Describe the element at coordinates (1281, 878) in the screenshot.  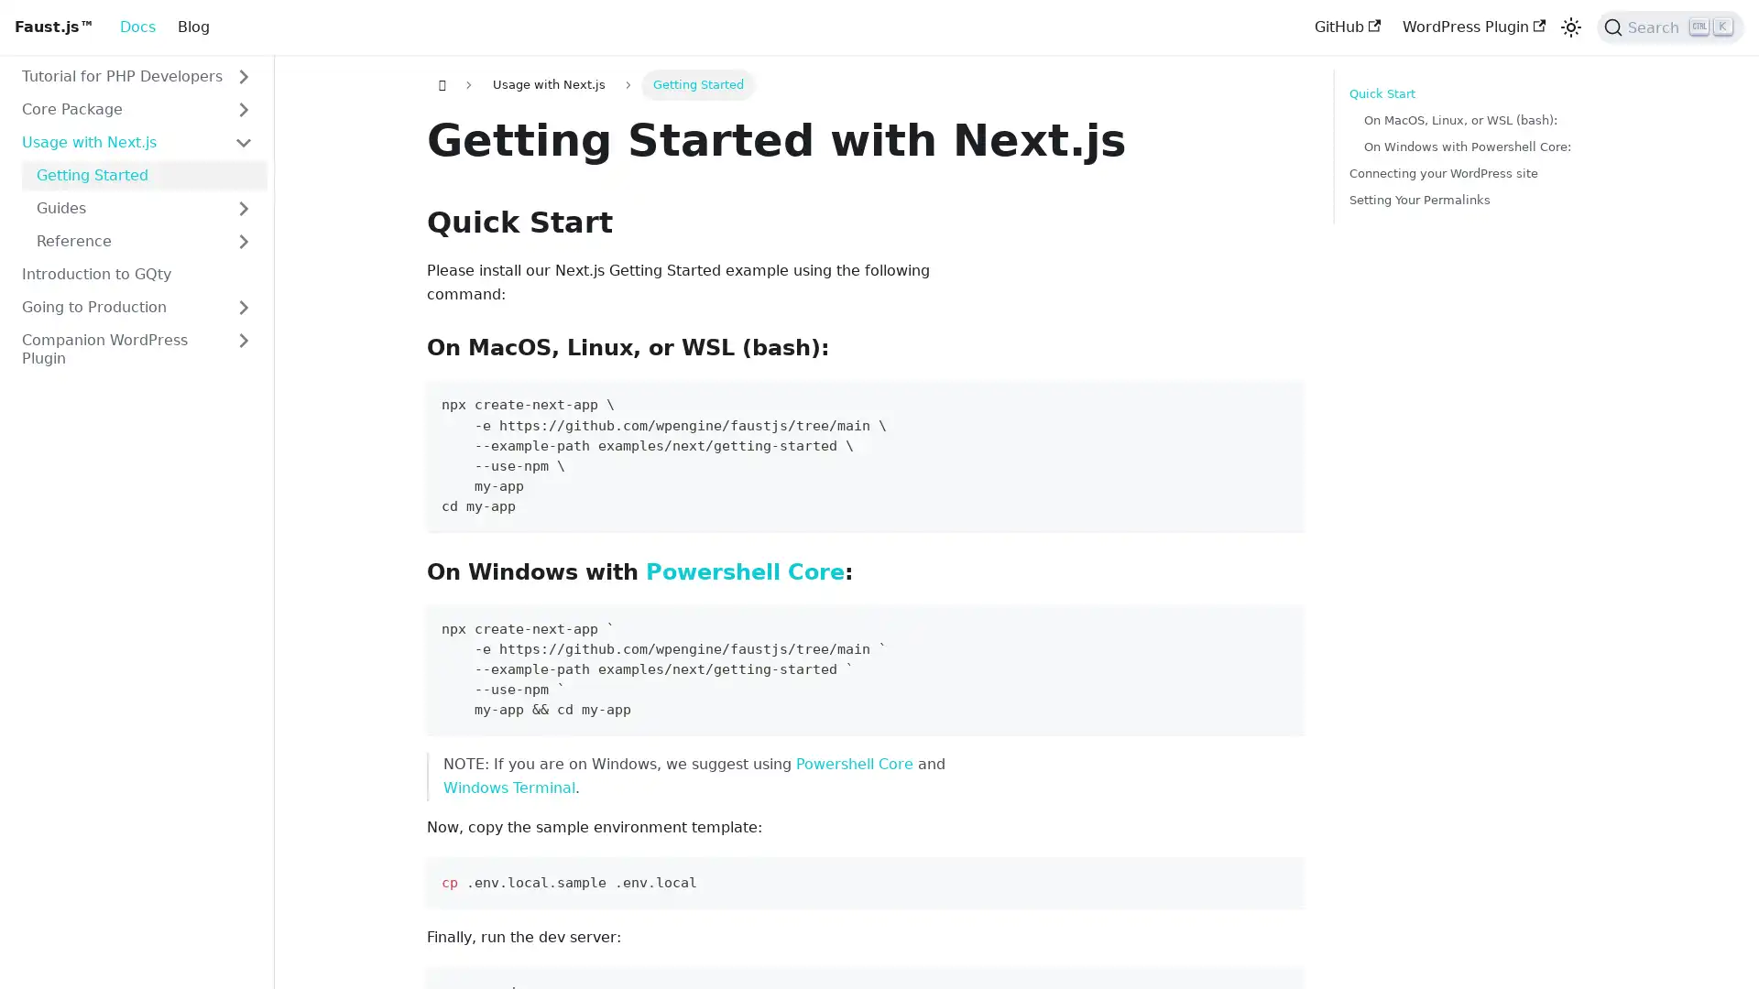
I see `Copy code to clipboard` at that location.